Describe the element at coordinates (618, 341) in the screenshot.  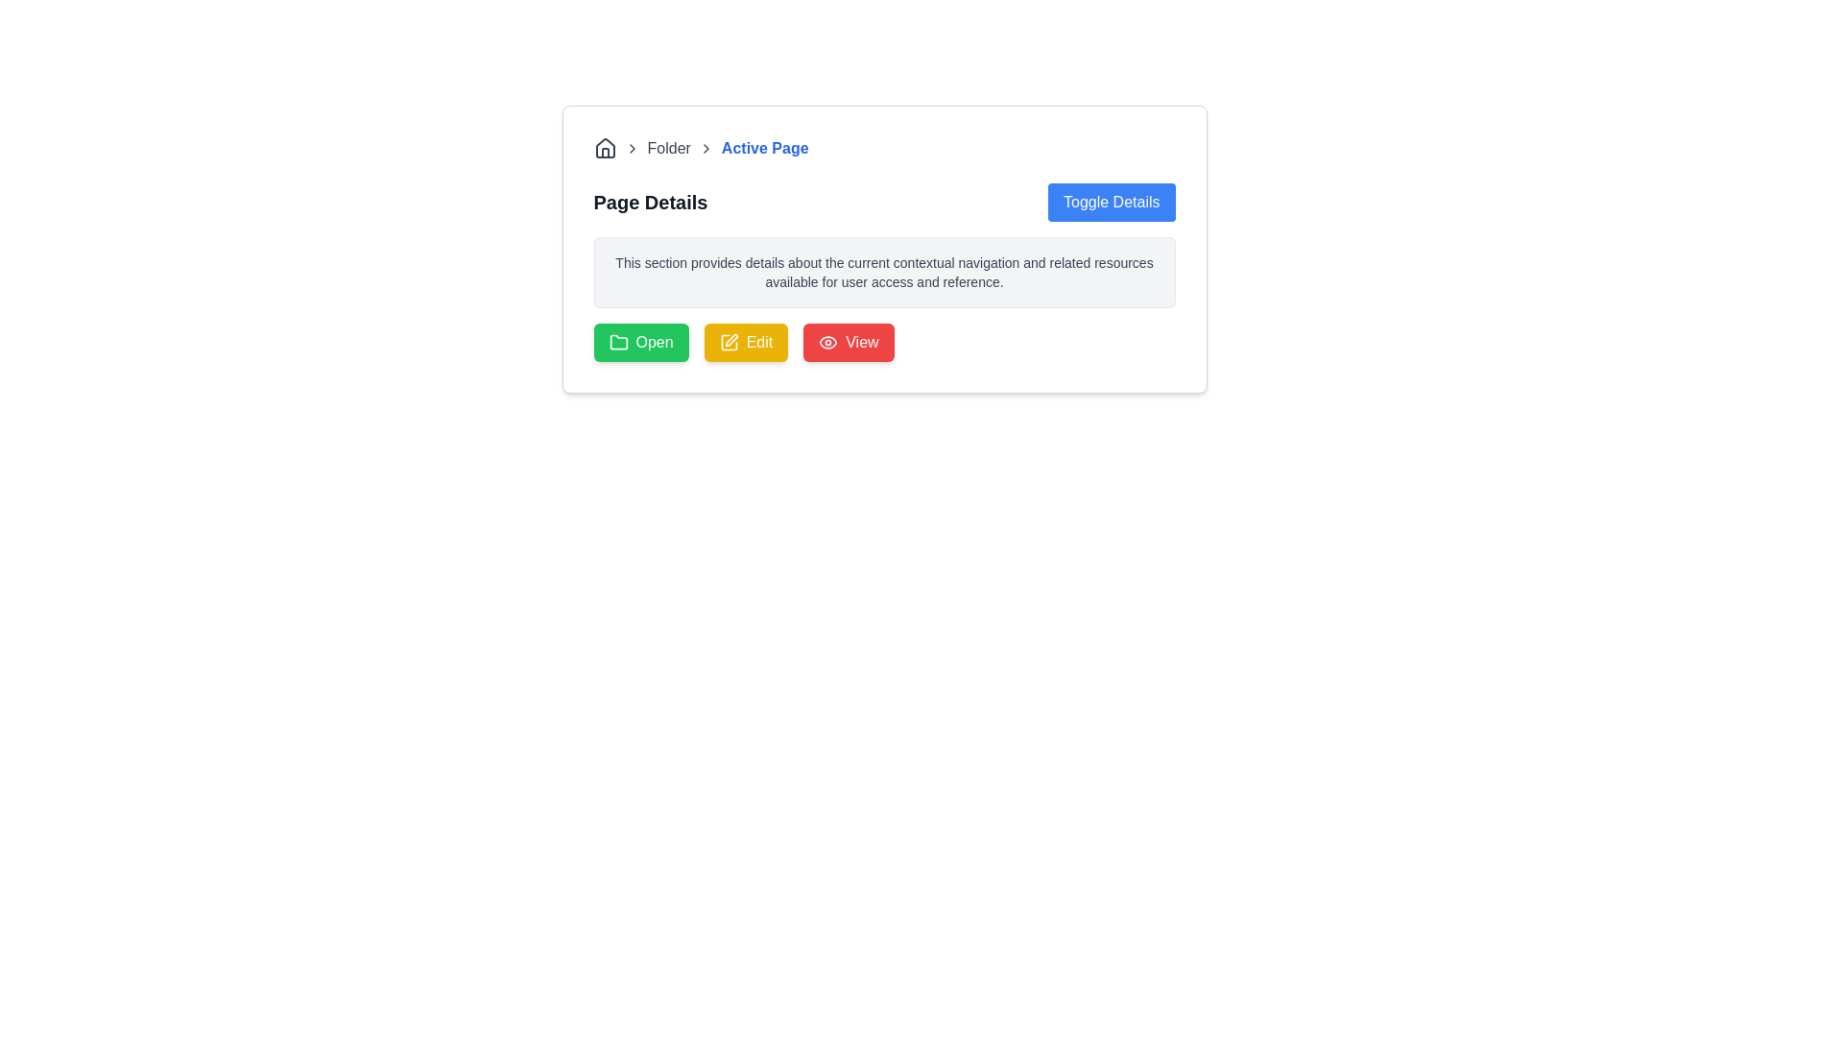
I see `the folder icon located on the left side of the green button labeled 'Open', positioned just before the text on the button` at that location.